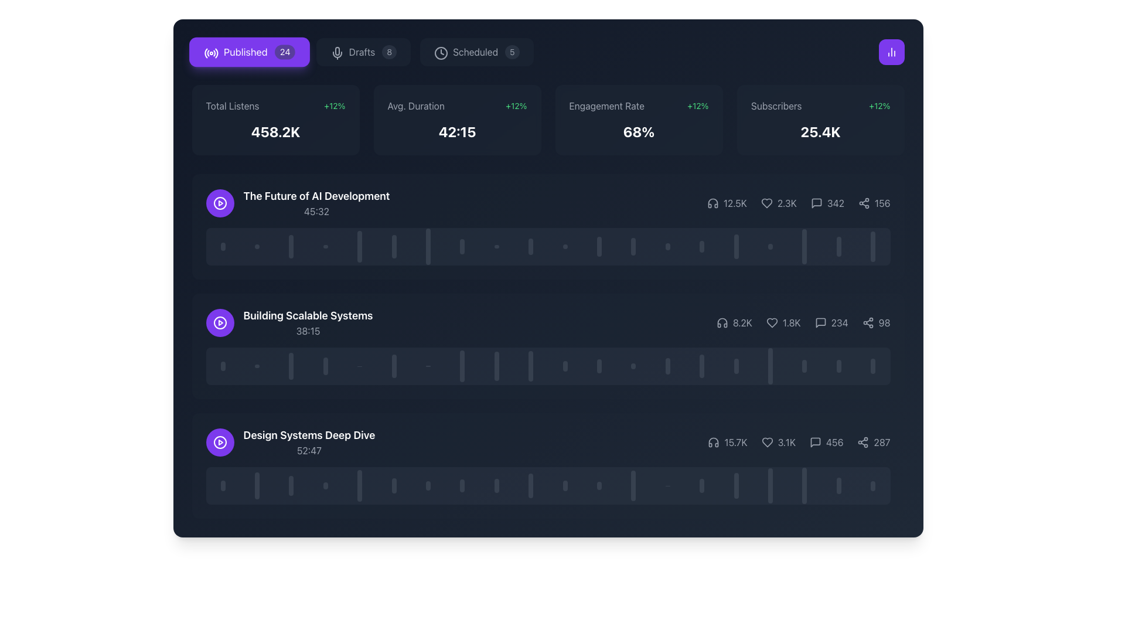 The width and height of the screenshot is (1125, 633). Describe the element at coordinates (767, 443) in the screenshot. I see `the heart-shaped icon located beside the '3.1K' likes in the content row for 'Design Systems Deep Dive' to like the content` at that location.